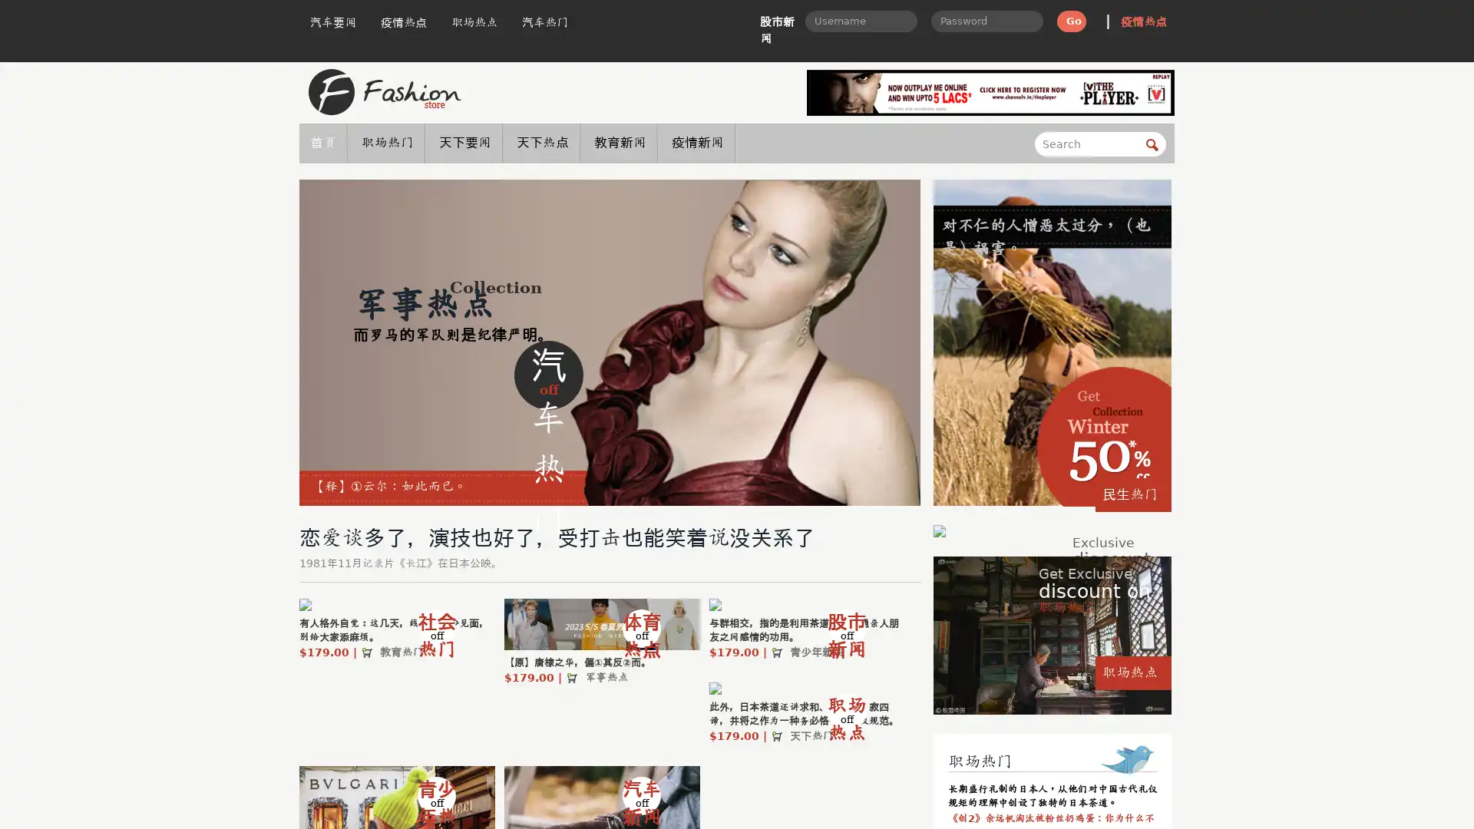 The image size is (1474, 829). What do you see at coordinates (1070, 21) in the screenshot?
I see `Go` at bounding box center [1070, 21].